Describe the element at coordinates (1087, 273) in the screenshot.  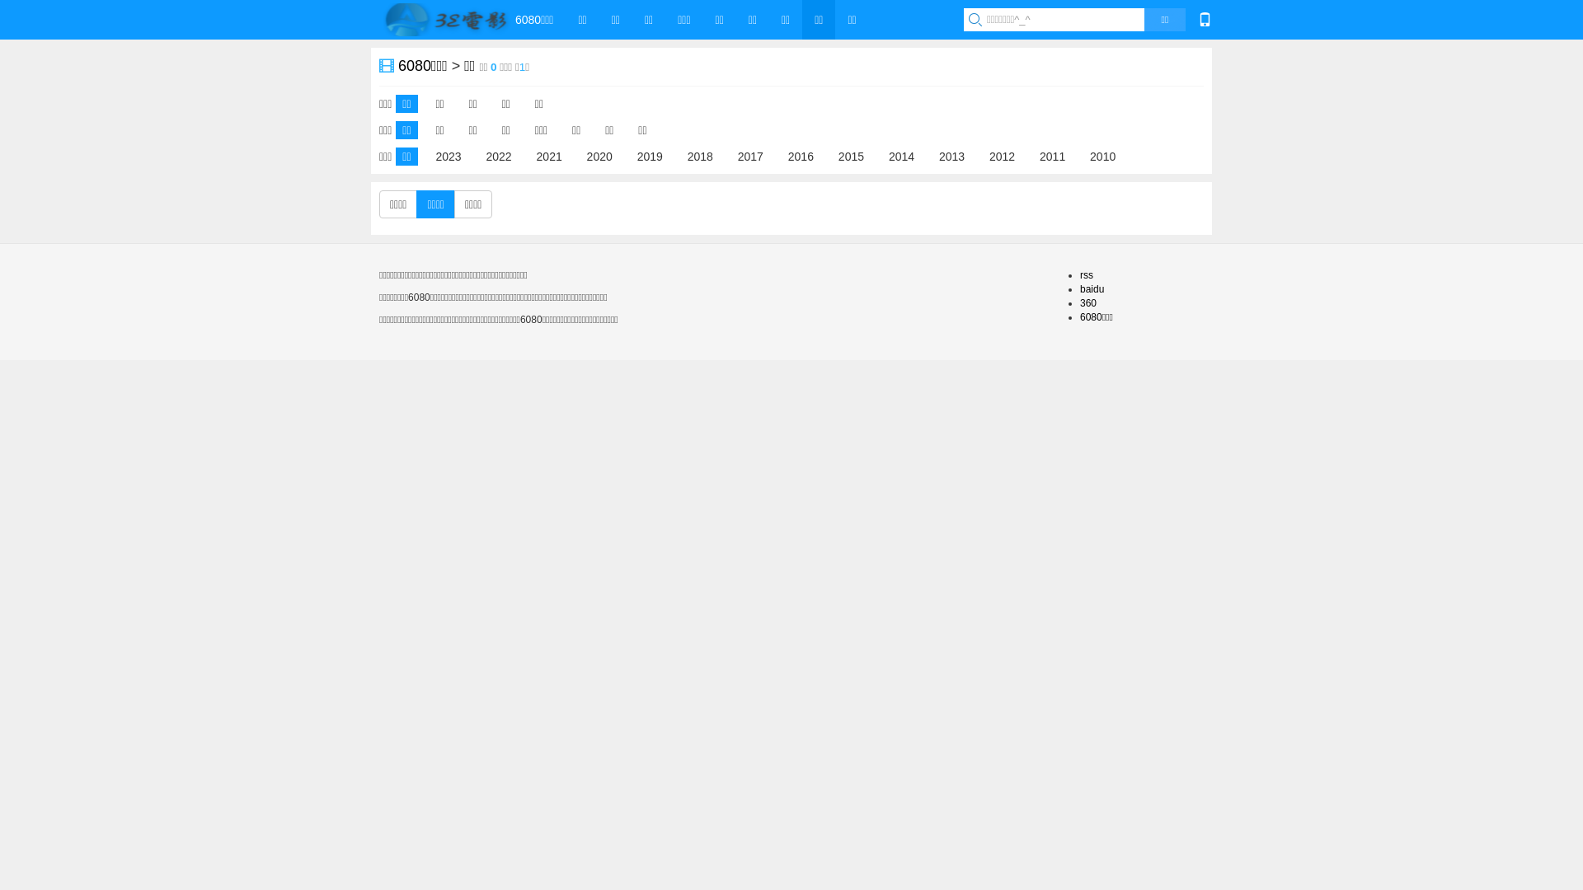
I see `'rss'` at that location.